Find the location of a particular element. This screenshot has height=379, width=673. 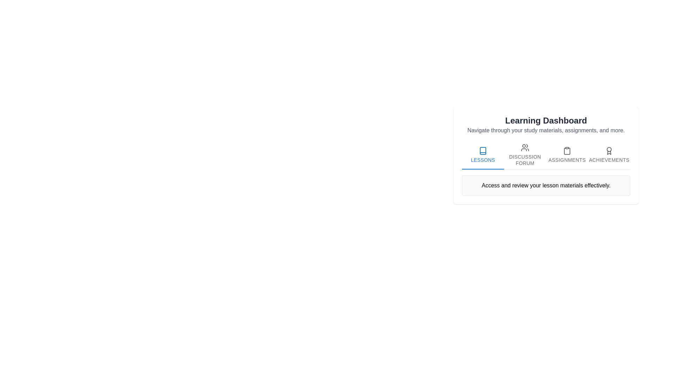

the text label that states 'Access and review your lesson materials effectively.', which is styled in a serif font and located in the right half of the main interface layout is located at coordinates (546, 185).